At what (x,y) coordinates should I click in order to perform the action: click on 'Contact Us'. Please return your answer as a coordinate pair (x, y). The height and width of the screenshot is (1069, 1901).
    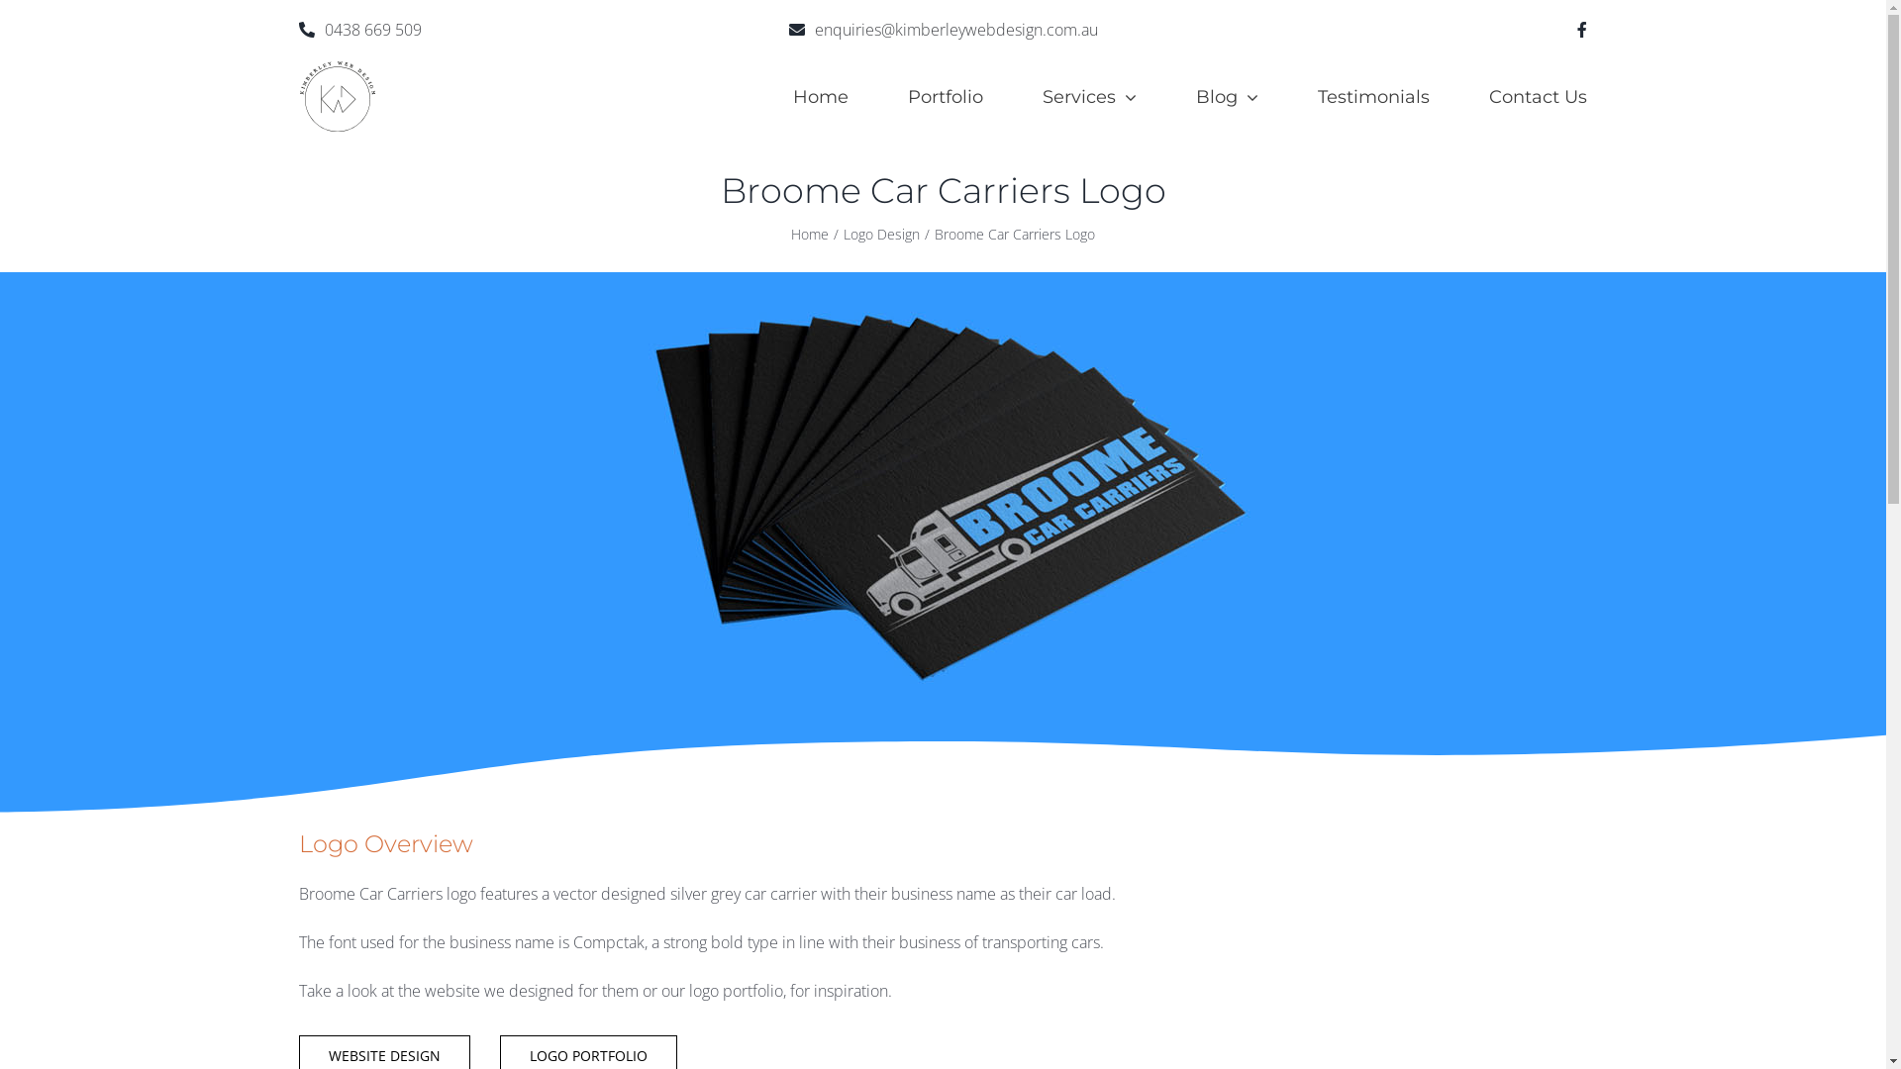
    Looking at the image, I should click on (1488, 96).